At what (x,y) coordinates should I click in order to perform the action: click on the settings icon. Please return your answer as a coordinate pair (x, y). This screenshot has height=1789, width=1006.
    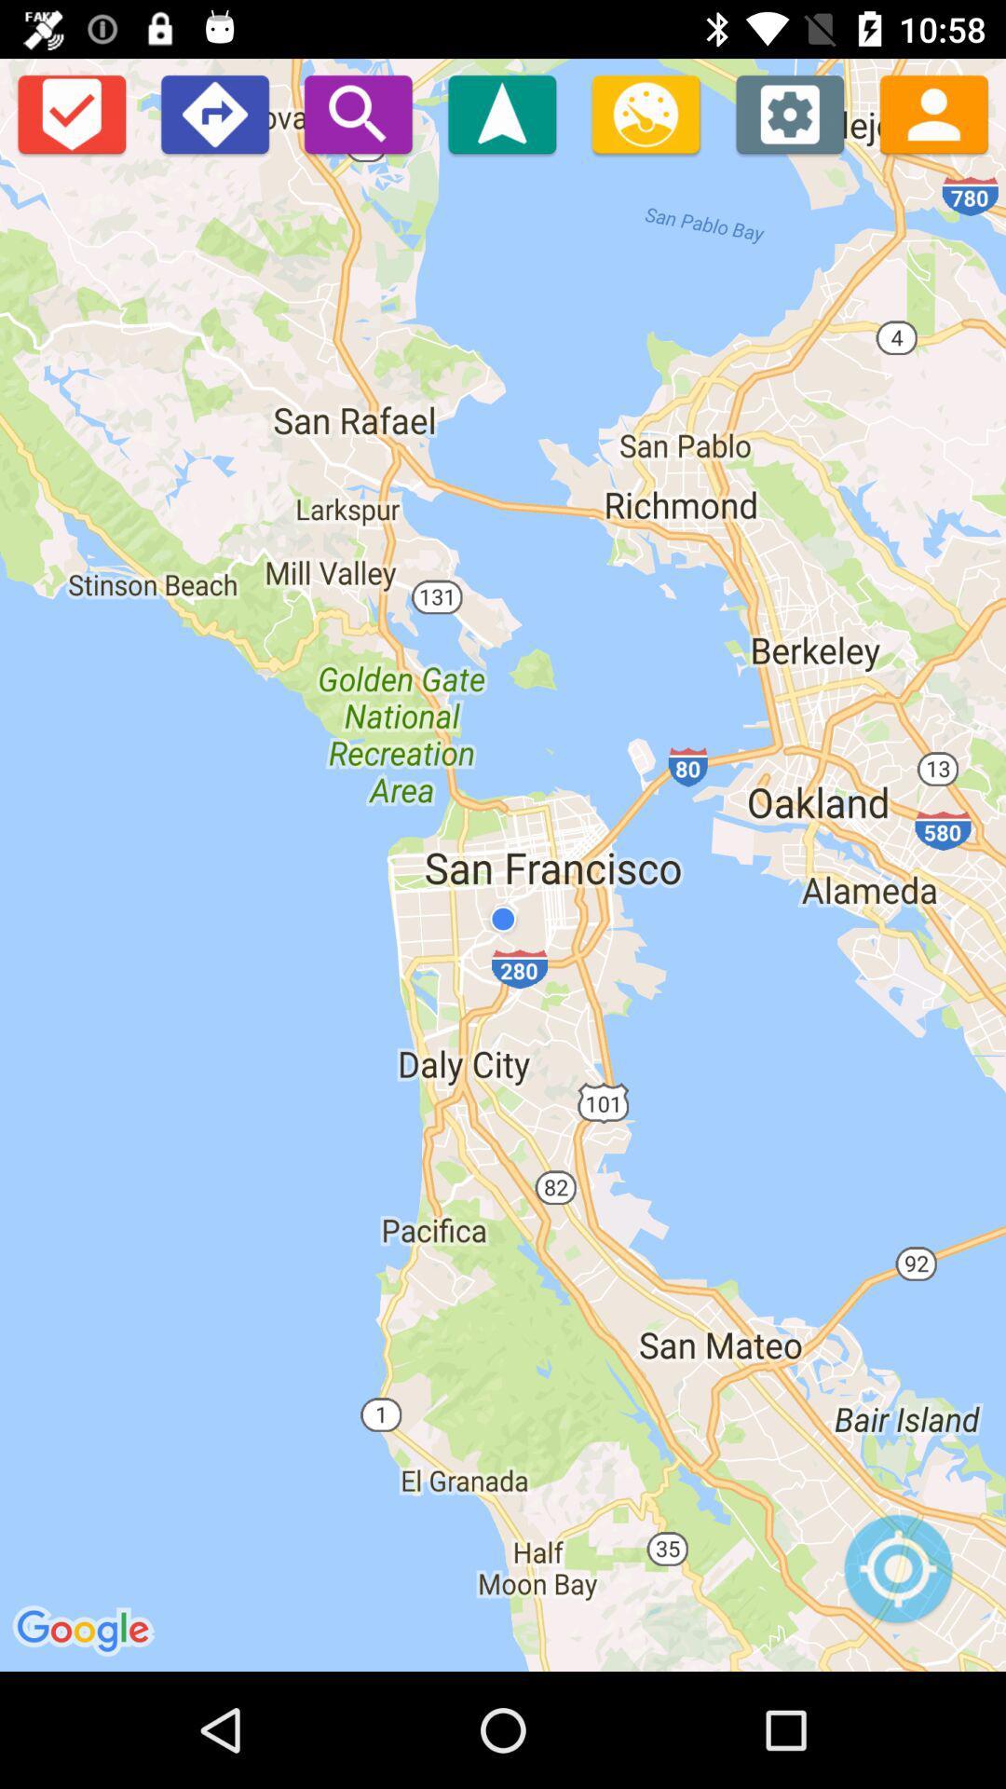
    Looking at the image, I should click on (790, 113).